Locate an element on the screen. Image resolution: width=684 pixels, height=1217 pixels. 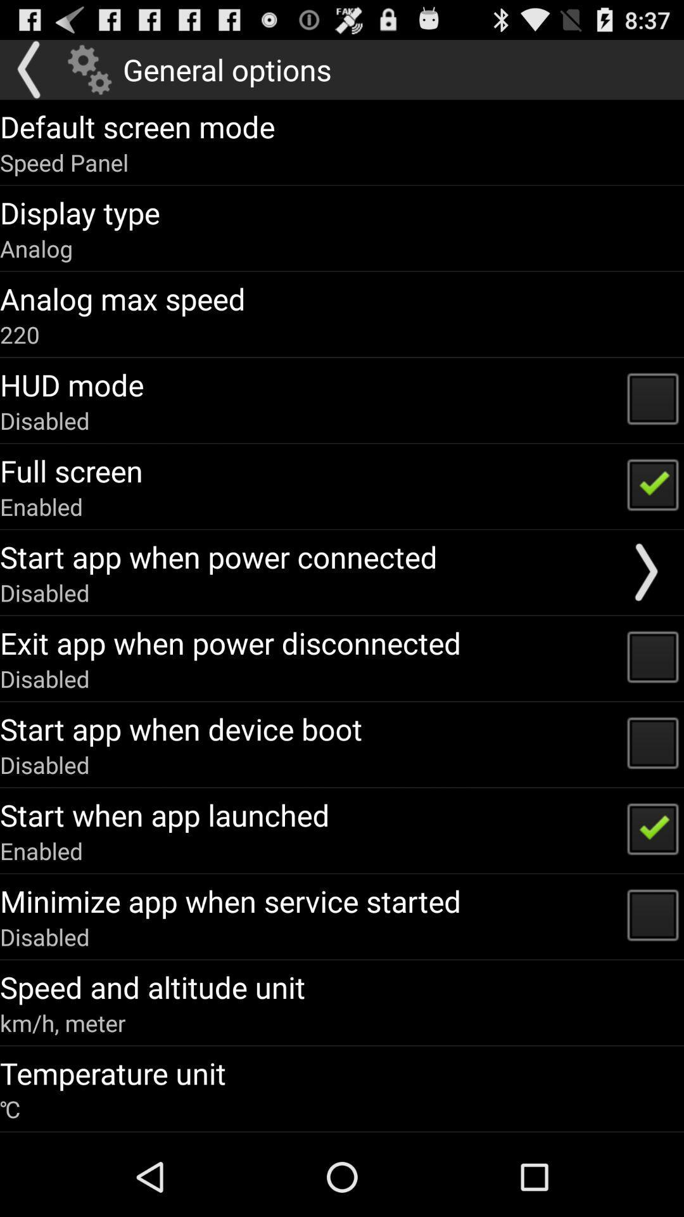
speed panel icon is located at coordinates (64, 162).